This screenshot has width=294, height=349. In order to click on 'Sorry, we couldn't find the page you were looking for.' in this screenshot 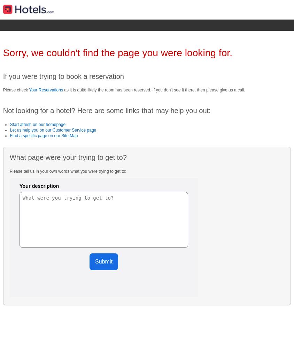, I will do `click(117, 53)`.